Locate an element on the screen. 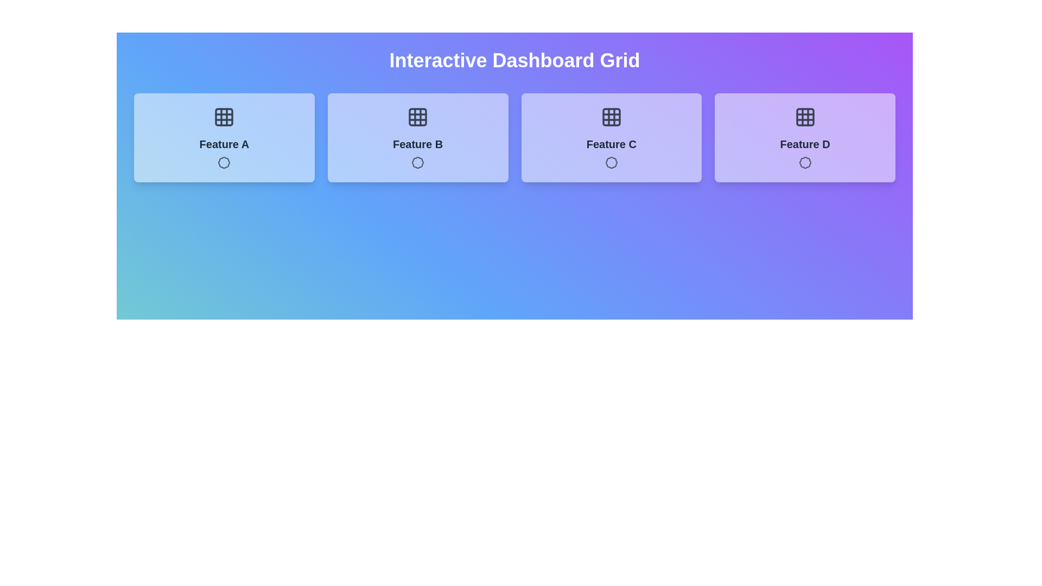 The height and width of the screenshot is (586, 1042). the Card widget representing 'Feature D', located in the fourth position from the left in a row of four similar cards is located at coordinates (805, 137).